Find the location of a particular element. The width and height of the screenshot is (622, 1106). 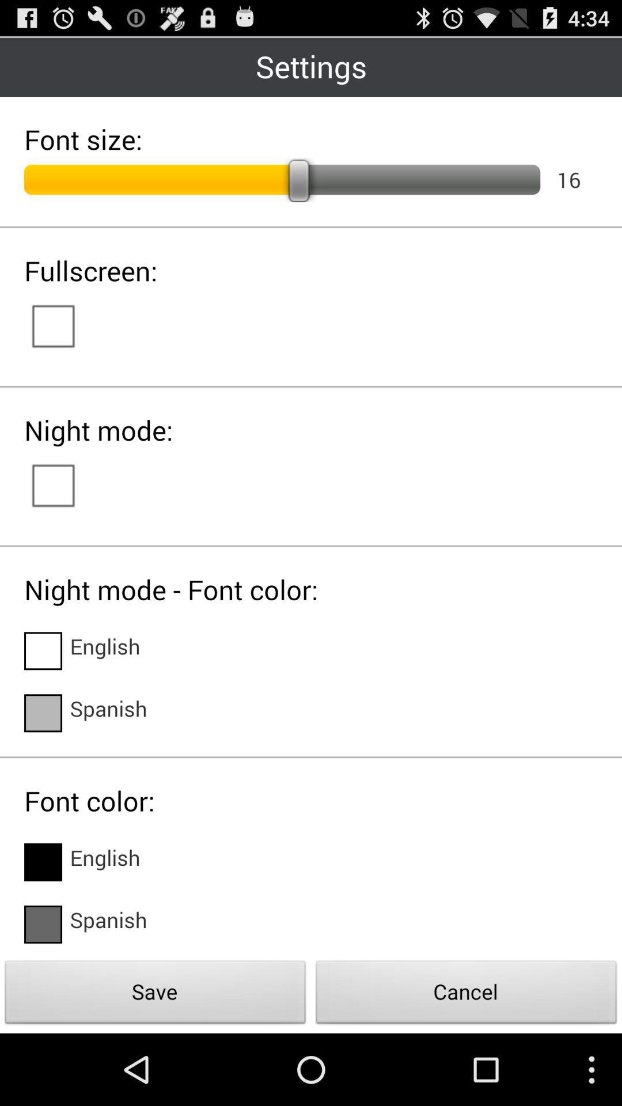

the save is located at coordinates (155, 995).